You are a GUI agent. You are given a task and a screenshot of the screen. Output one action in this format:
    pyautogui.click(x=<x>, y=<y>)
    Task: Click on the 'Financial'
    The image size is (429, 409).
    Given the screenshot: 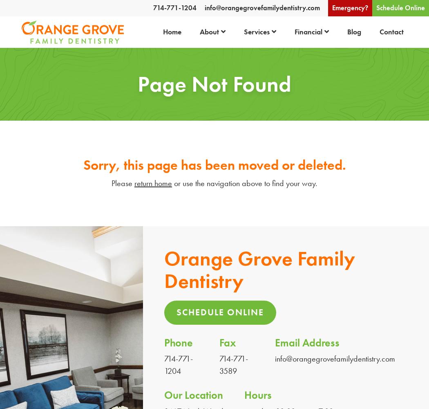 What is the action you would take?
    pyautogui.click(x=308, y=31)
    